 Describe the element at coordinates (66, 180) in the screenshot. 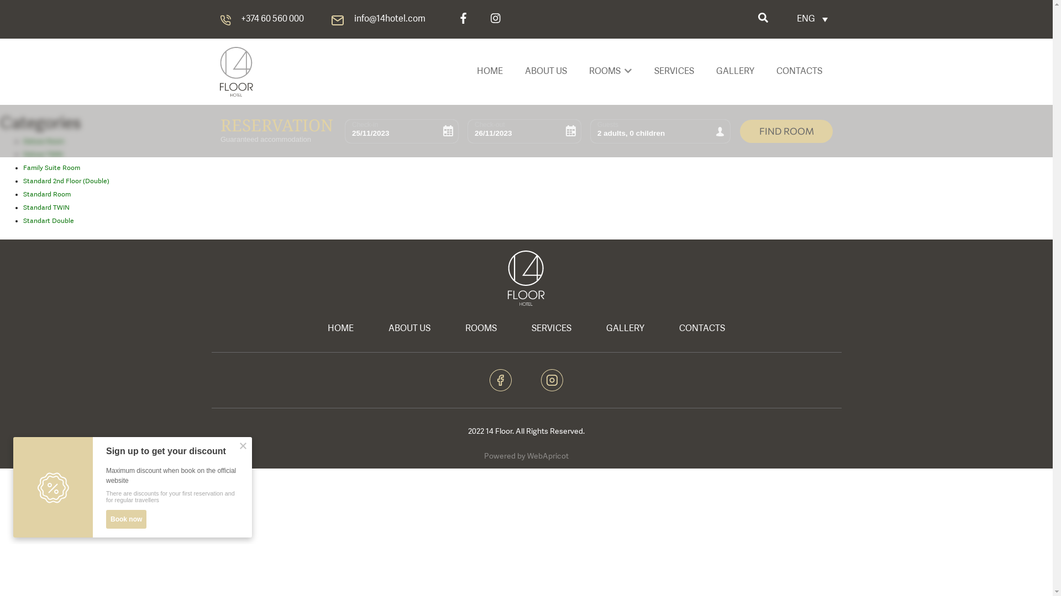

I see `'Standard 2nd Floor (Double)'` at that location.